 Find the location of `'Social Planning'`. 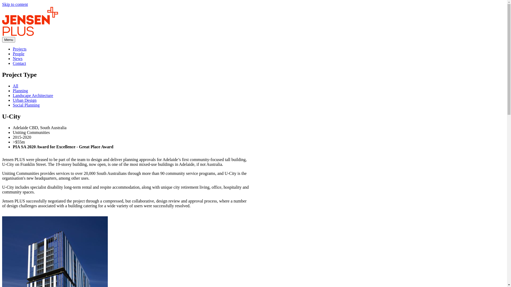

'Social Planning' is located at coordinates (26, 105).